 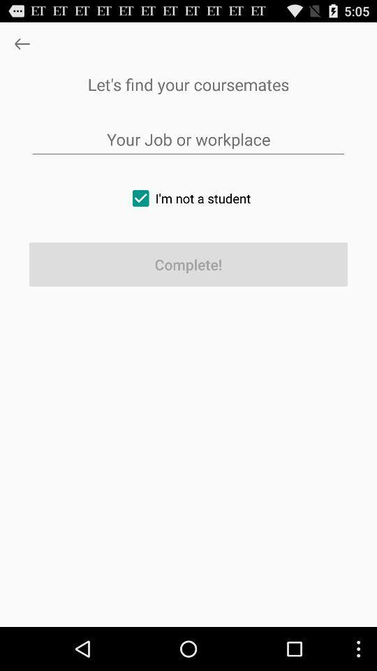 I want to click on go back, so click(x=21, y=43).